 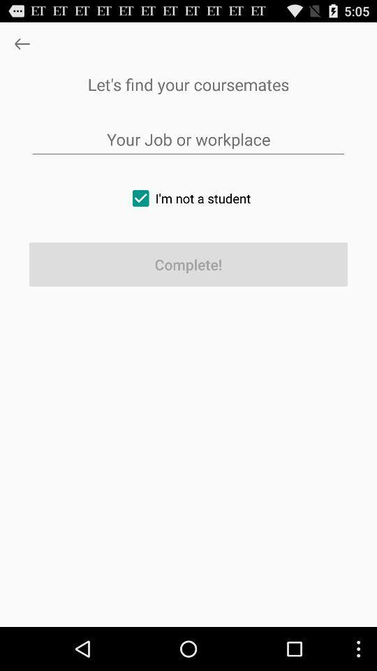 I want to click on go back, so click(x=21, y=43).